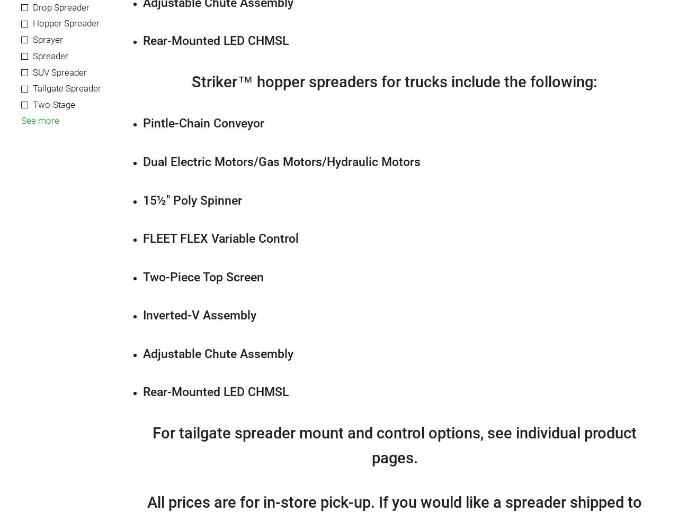 This screenshot has width=678, height=513. Describe the element at coordinates (394, 444) in the screenshot. I see `'For tailgate spreader mount and control options, see individual product pages.'` at that location.